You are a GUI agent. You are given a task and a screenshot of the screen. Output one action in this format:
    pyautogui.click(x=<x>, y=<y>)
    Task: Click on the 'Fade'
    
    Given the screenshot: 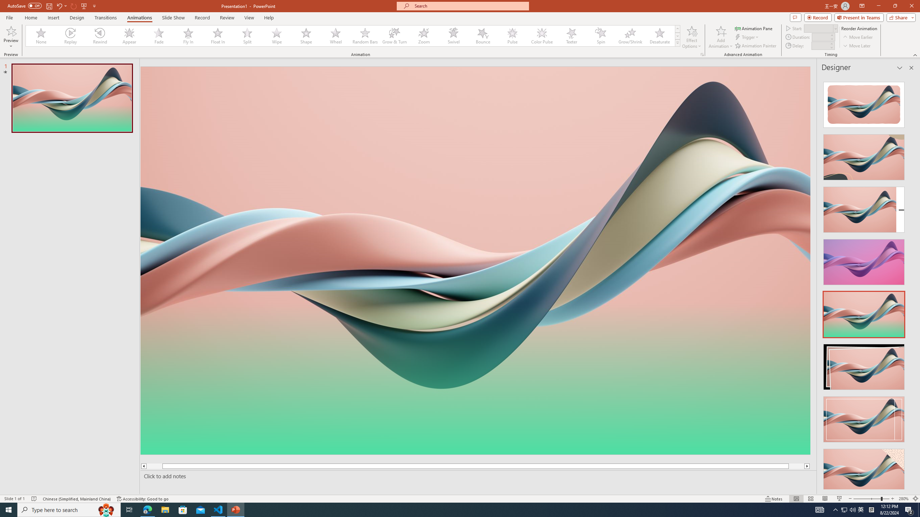 What is the action you would take?
    pyautogui.click(x=158, y=36)
    